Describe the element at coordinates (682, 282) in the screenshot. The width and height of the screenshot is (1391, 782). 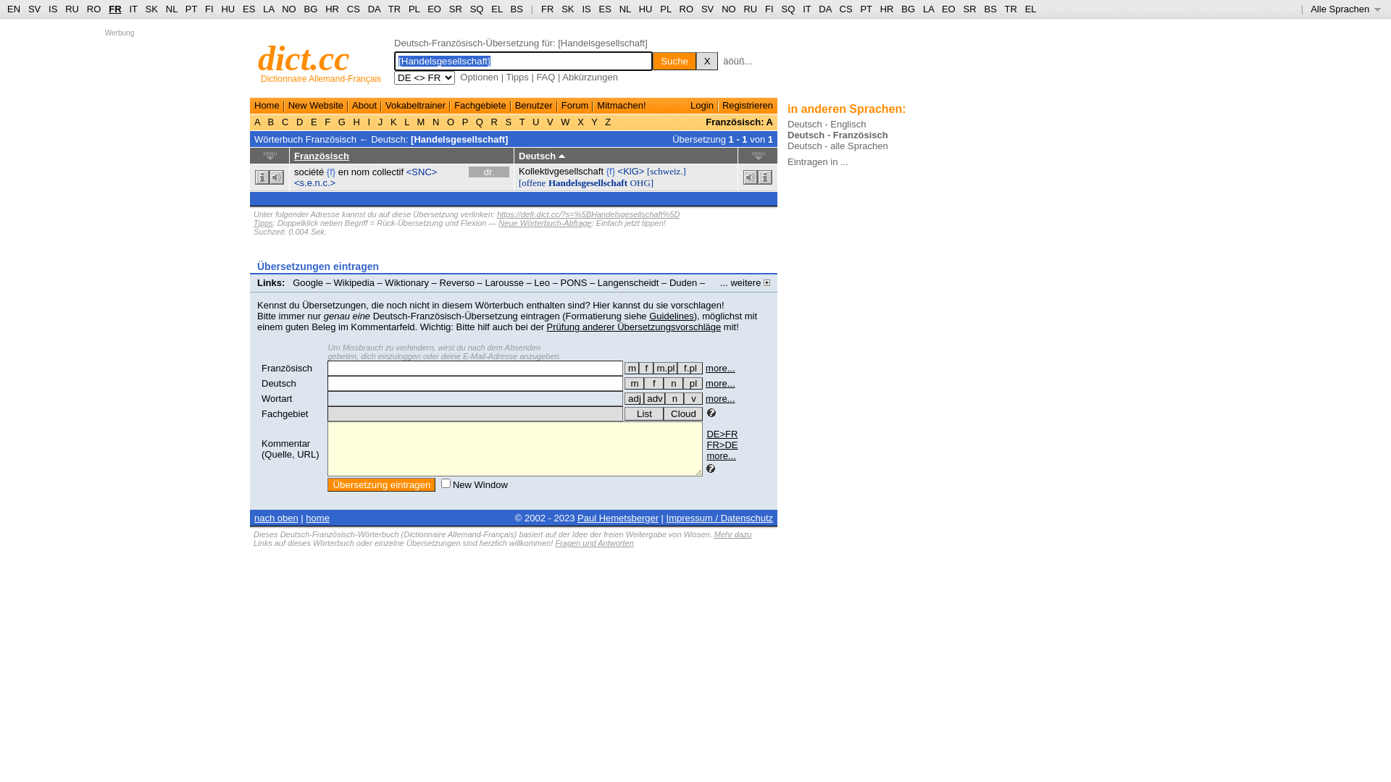
I see `'Duden'` at that location.